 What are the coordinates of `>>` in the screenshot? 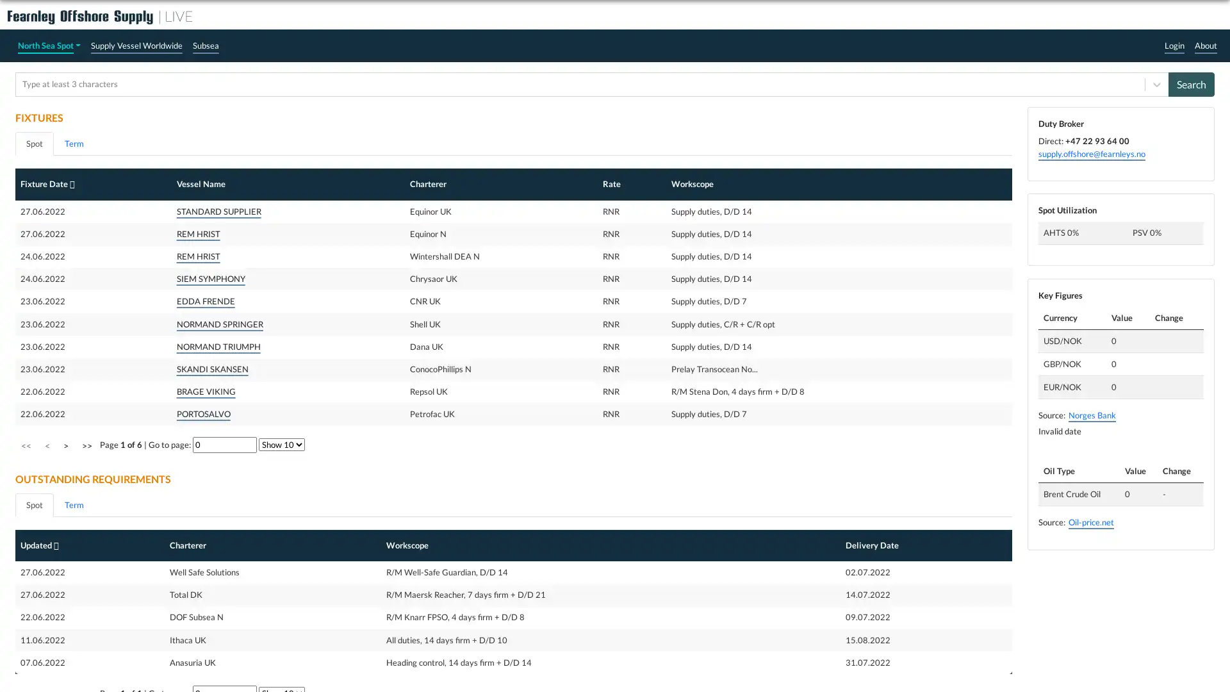 It's located at (86, 445).